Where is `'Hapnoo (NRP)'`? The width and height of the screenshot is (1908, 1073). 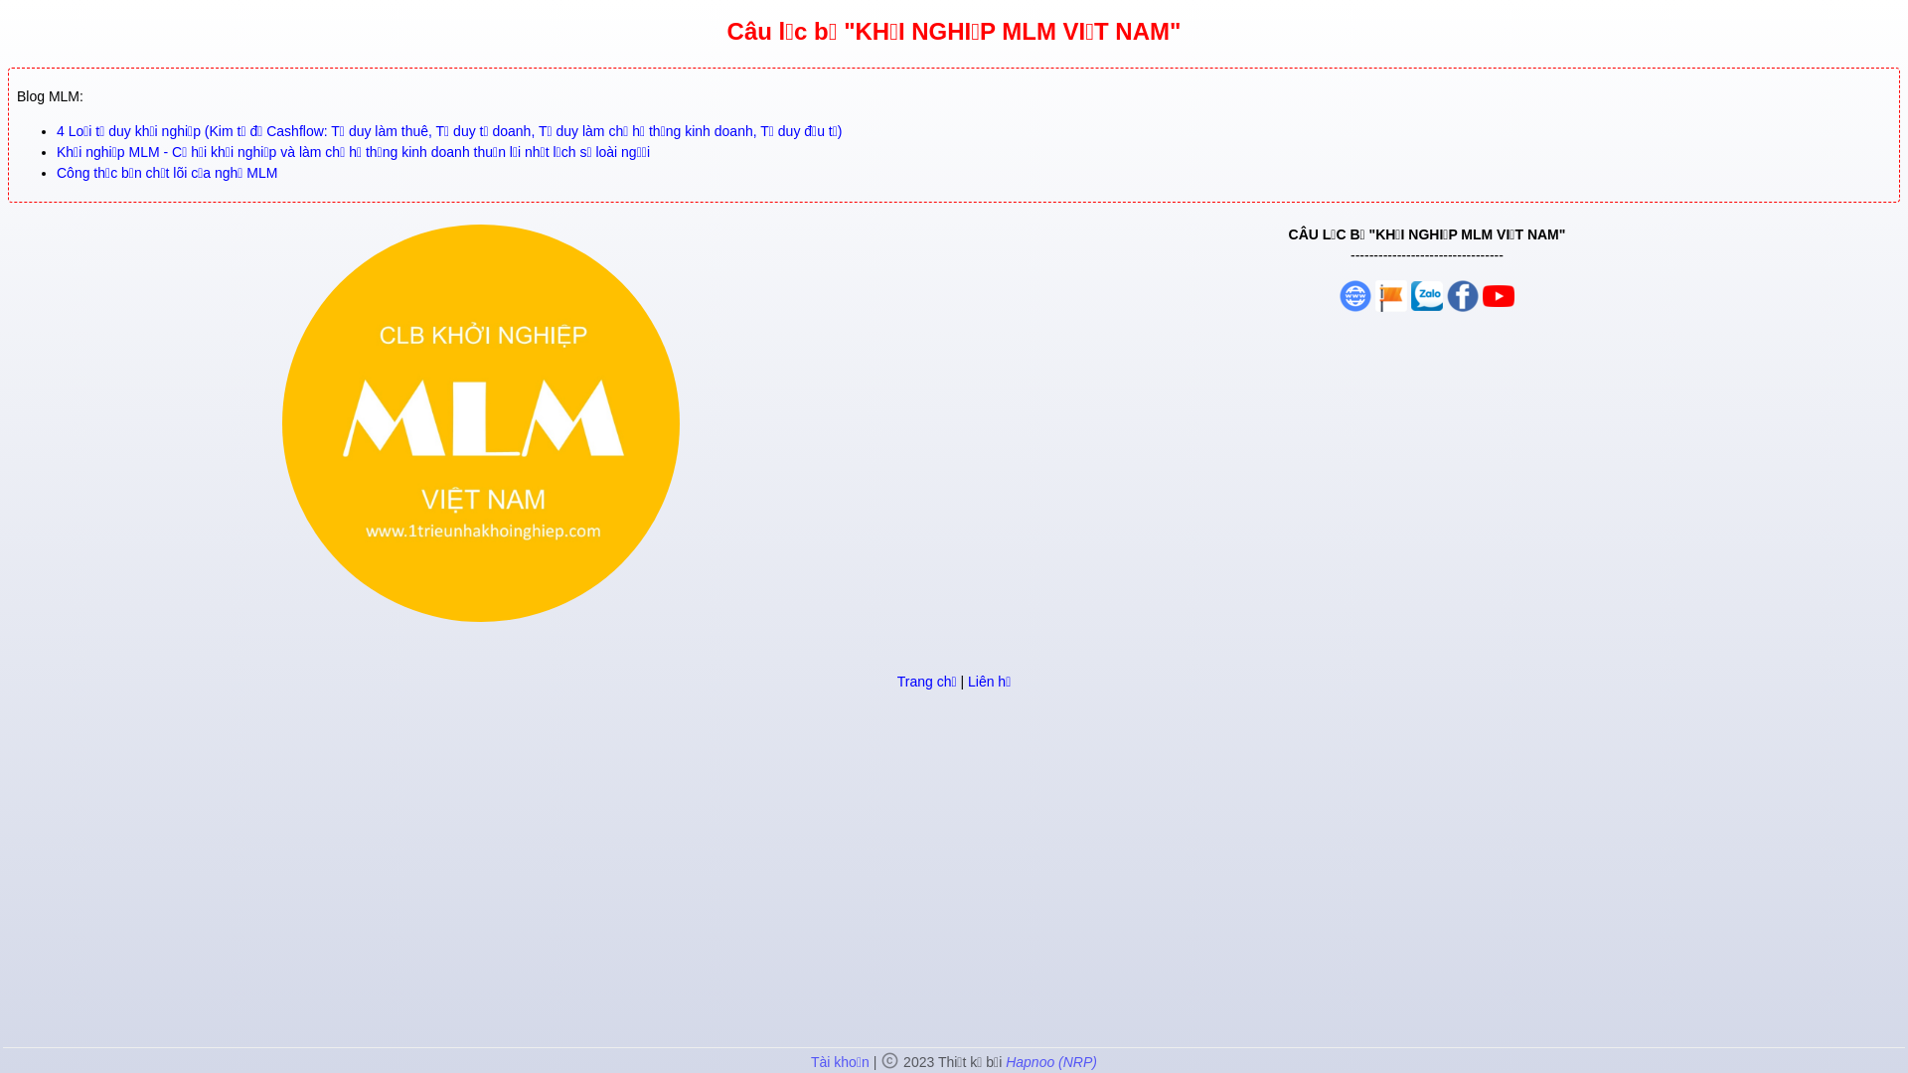 'Hapnoo (NRP)' is located at coordinates (1049, 1060).